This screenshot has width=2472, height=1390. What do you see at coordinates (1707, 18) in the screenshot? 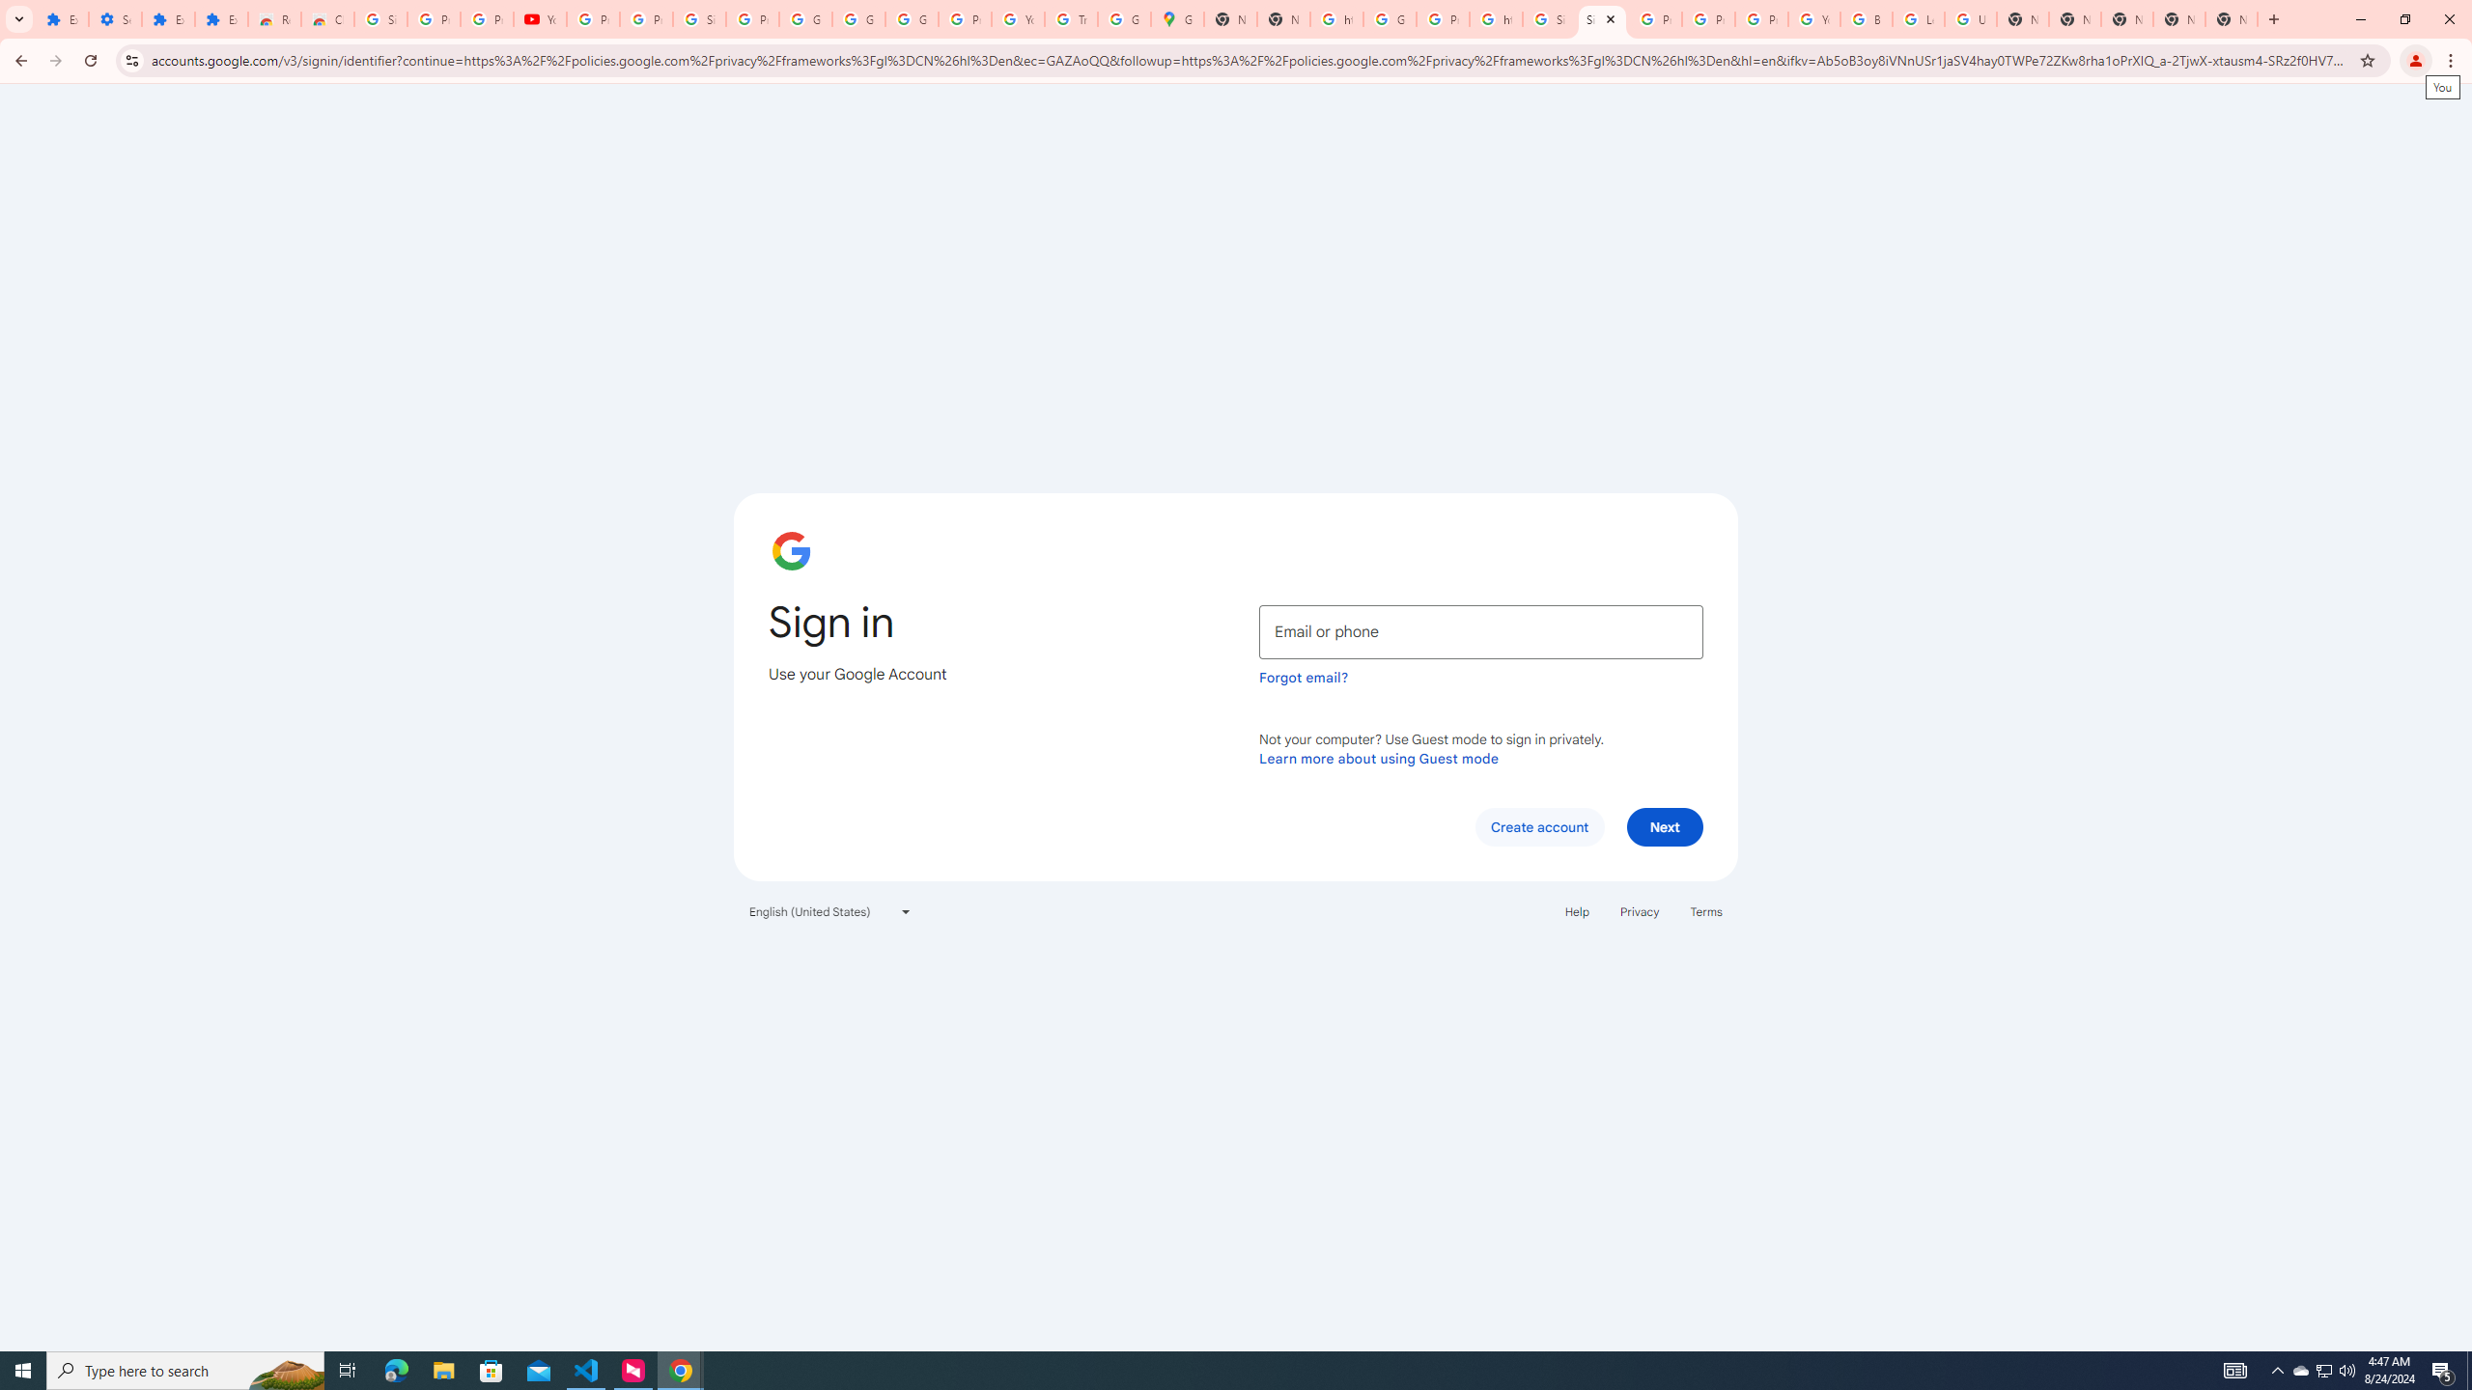
I see `'Privacy Help Center - Policies Help'` at bounding box center [1707, 18].